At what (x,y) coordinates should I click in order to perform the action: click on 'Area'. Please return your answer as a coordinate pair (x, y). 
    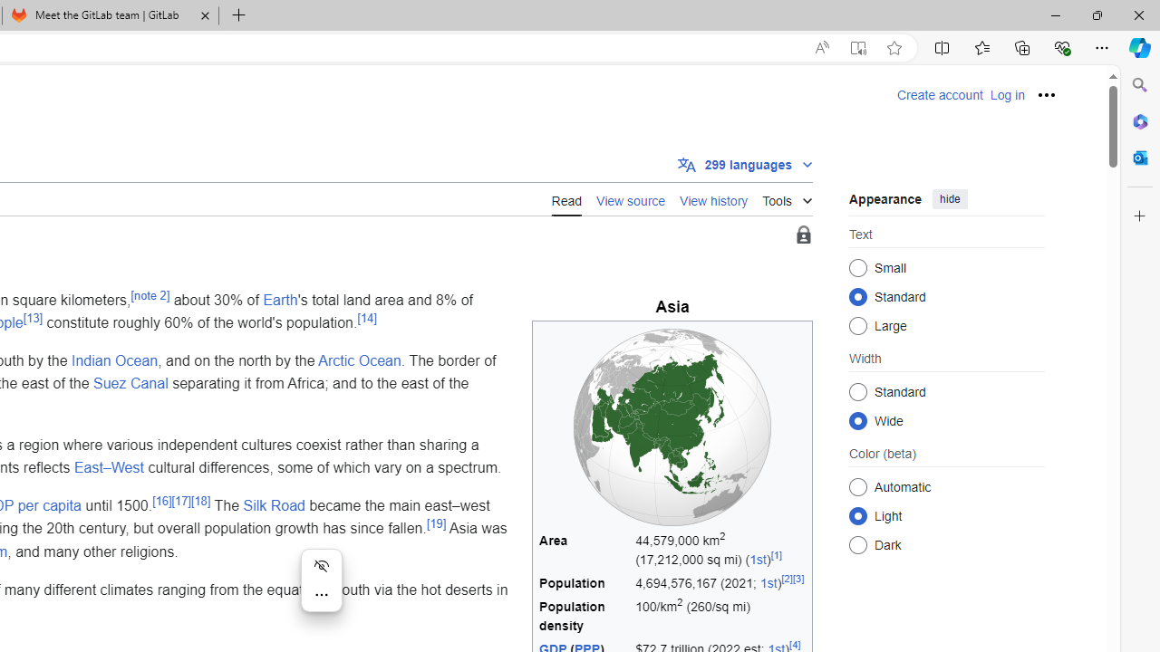
    Looking at the image, I should click on (585, 549).